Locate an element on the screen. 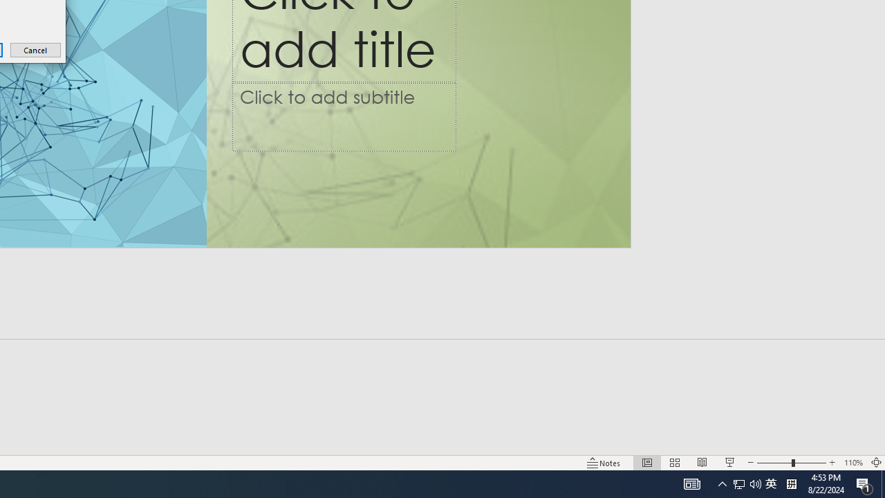  'Zoom 110%' is located at coordinates (853, 463).